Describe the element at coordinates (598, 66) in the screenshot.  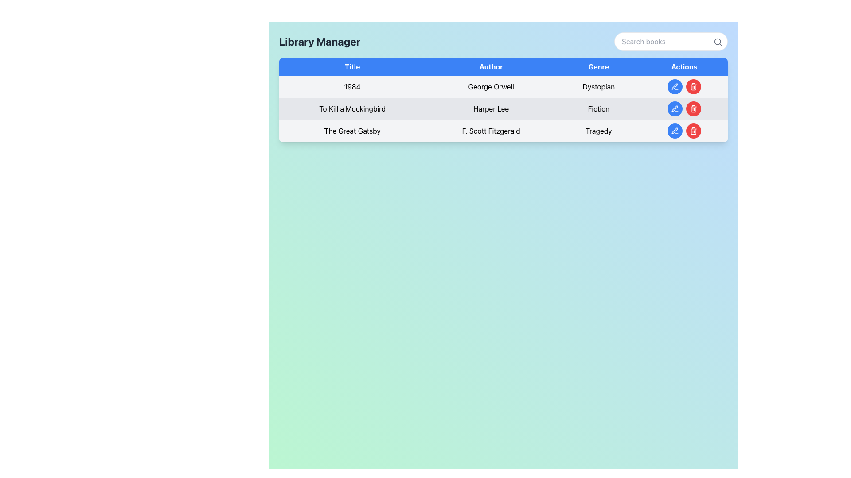
I see `the 'Genre' column header label in the table, which is the third column header among 'Title', 'Author', 'Genre', and 'Actions'` at that location.